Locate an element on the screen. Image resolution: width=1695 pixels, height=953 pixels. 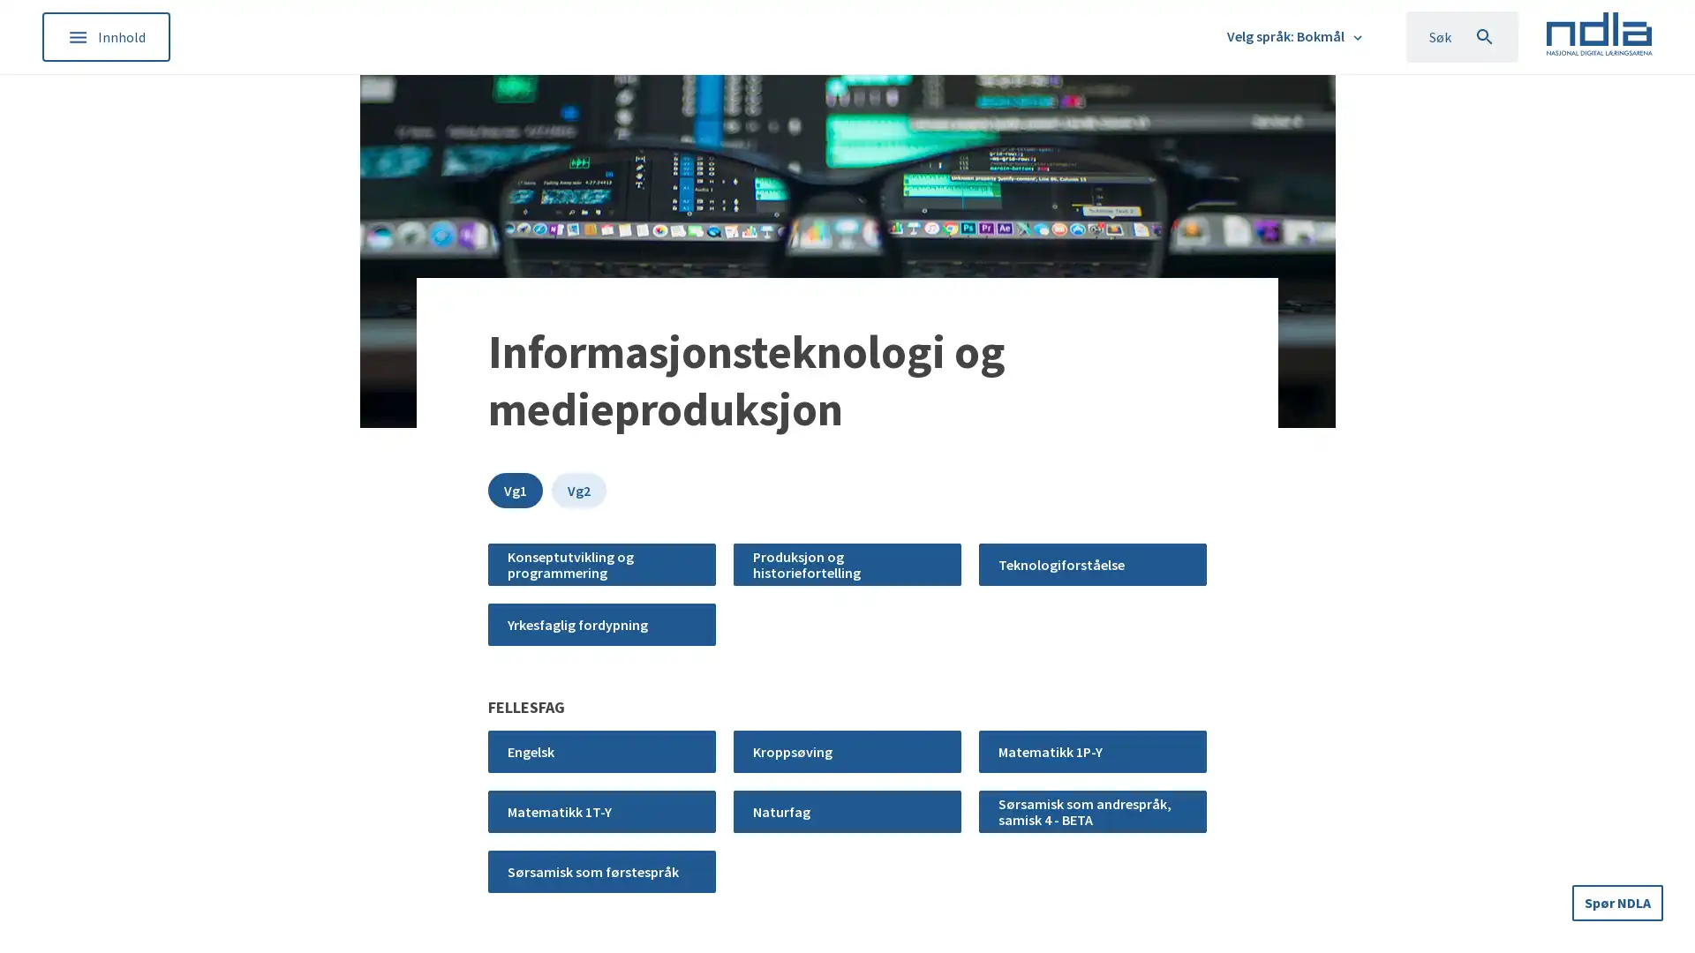
Vg2 is located at coordinates (579, 490).